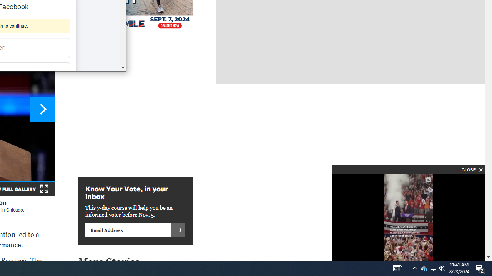 This screenshot has height=276, width=492. Describe the element at coordinates (423, 268) in the screenshot. I see `'User Promoted Notification Area'` at that location.